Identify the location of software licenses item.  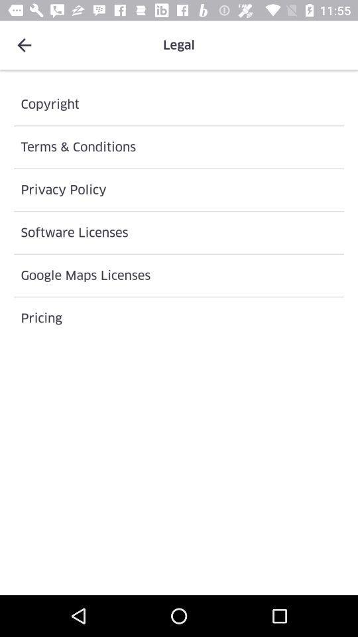
(179, 232).